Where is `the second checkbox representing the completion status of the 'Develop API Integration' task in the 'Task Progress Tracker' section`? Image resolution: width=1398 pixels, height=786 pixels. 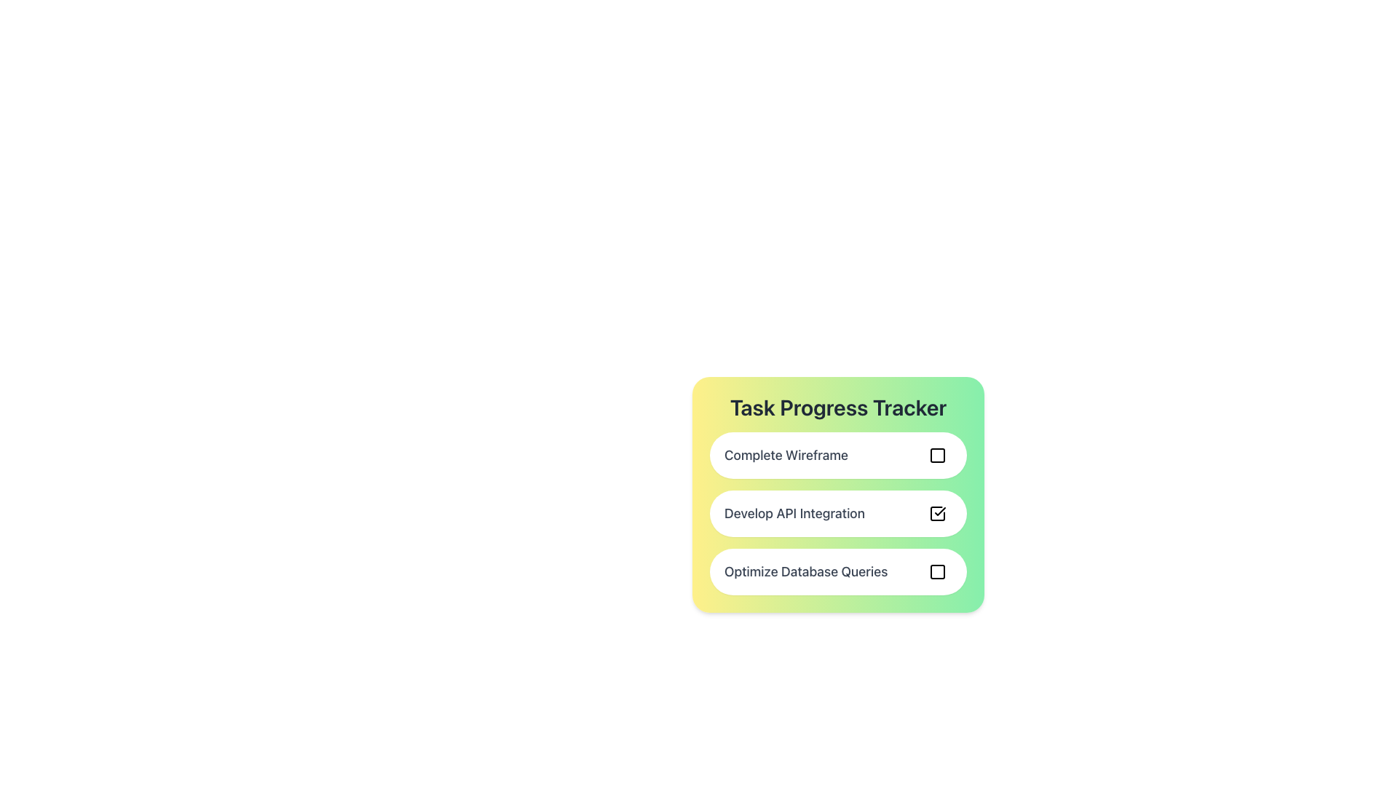
the second checkbox representing the completion status of the 'Develop API Integration' task in the 'Task Progress Tracker' section is located at coordinates (937, 512).